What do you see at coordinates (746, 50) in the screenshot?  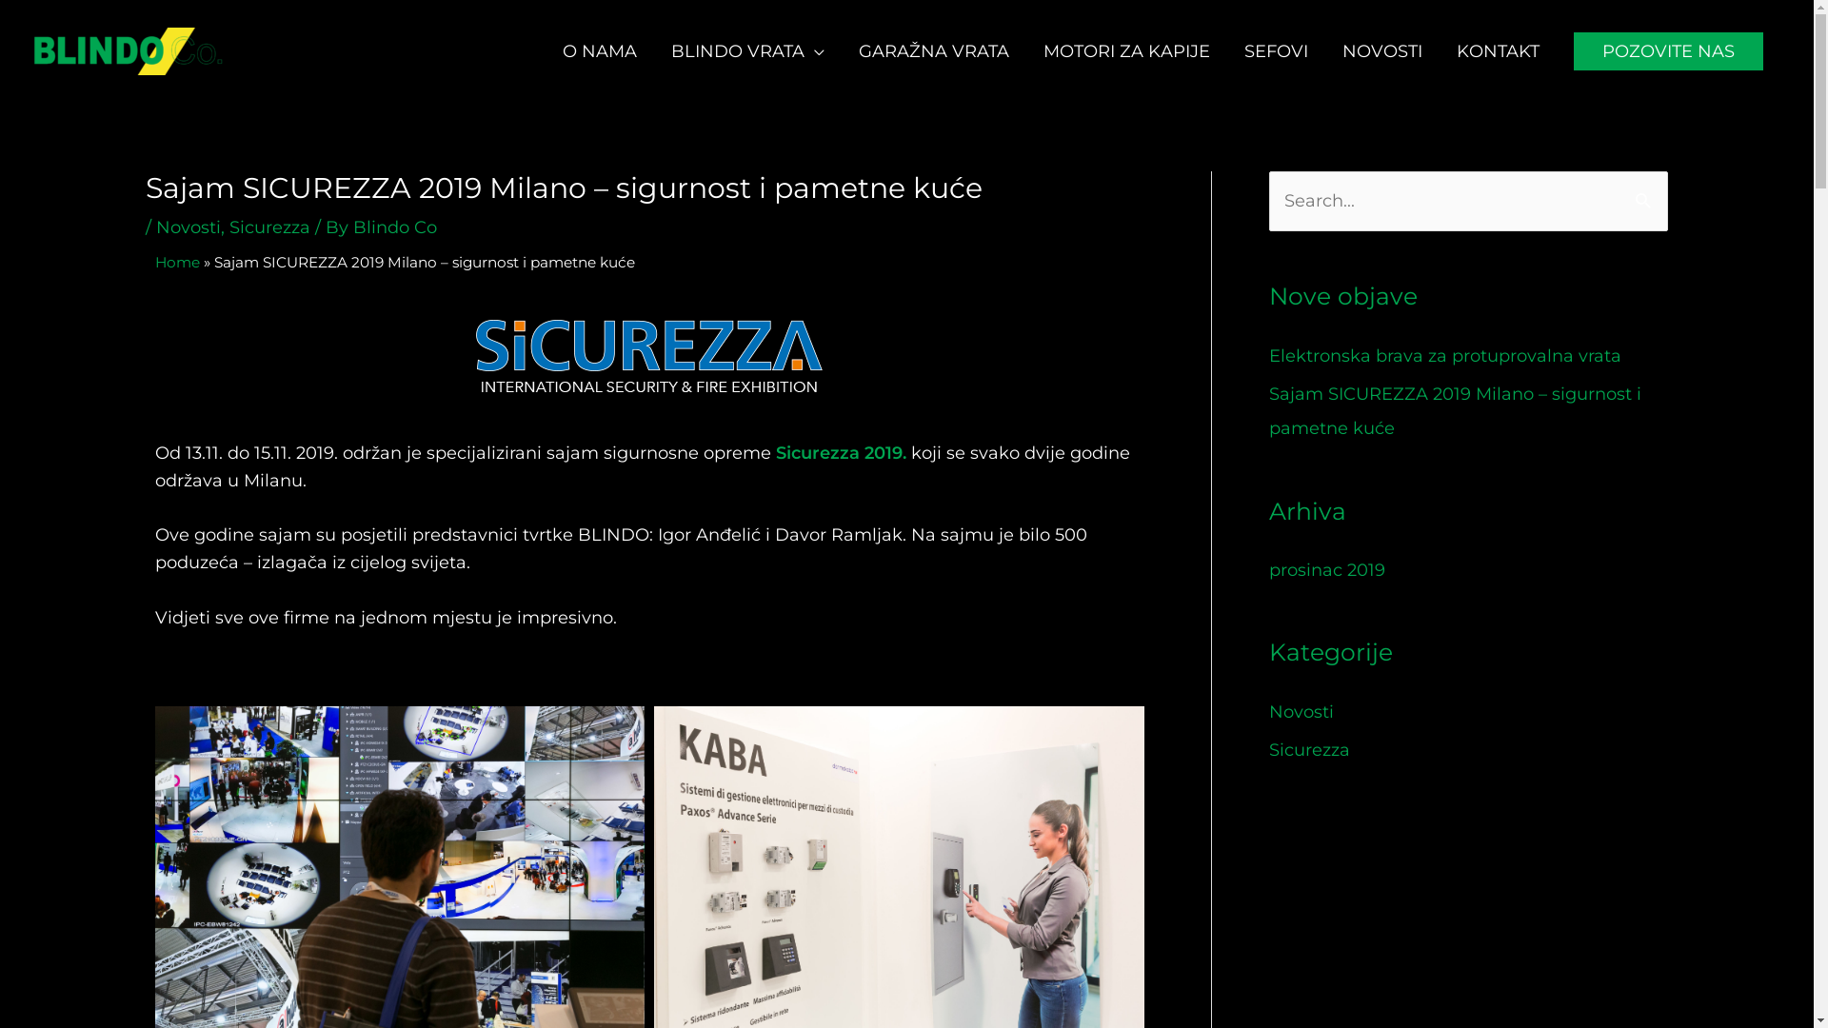 I see `'BLINDO VRATA'` at bounding box center [746, 50].